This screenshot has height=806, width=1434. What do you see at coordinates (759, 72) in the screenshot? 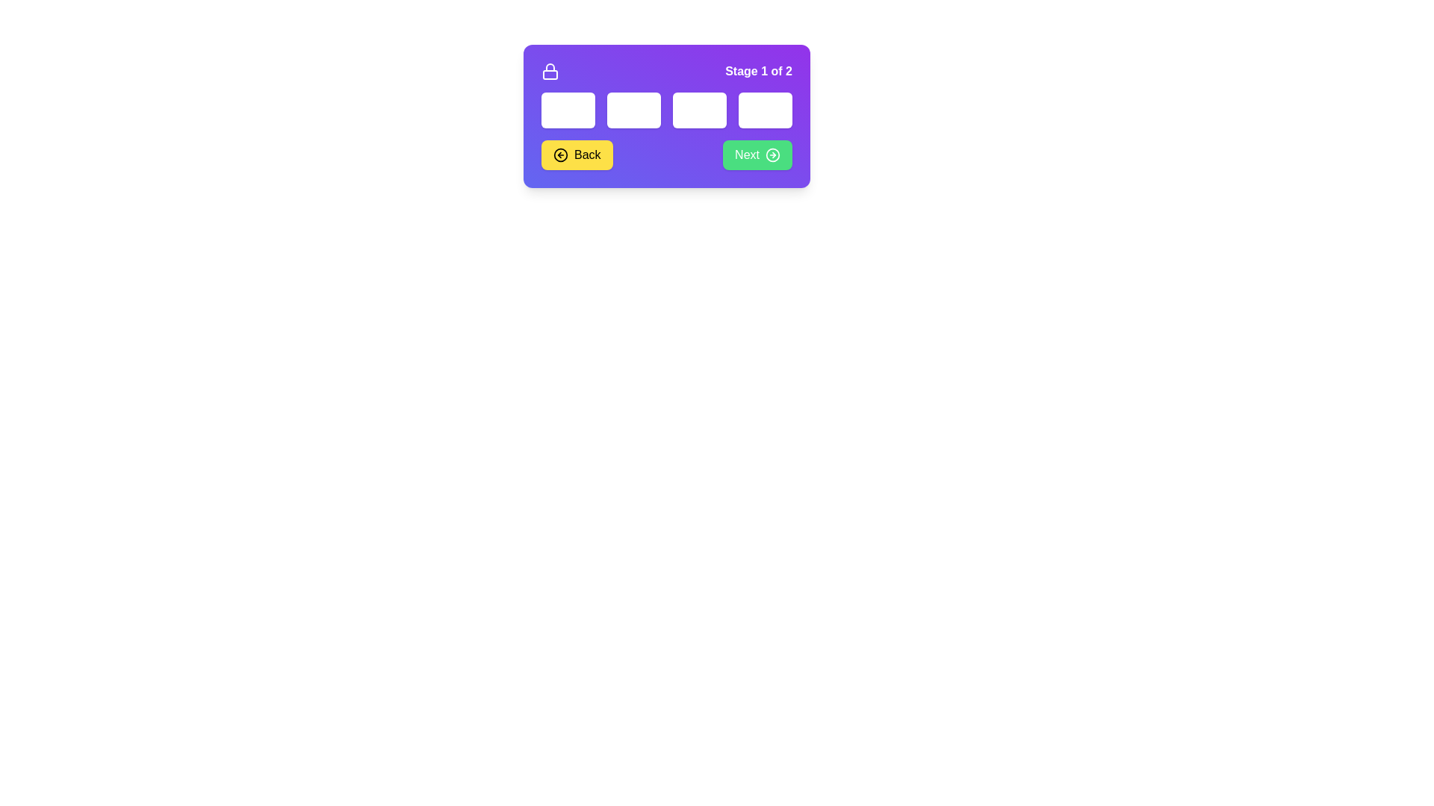
I see `the static text label displaying 'Stage 1 of 2' in bold white font on a purple background, located in the top-right corner of the card-like interface` at bounding box center [759, 72].